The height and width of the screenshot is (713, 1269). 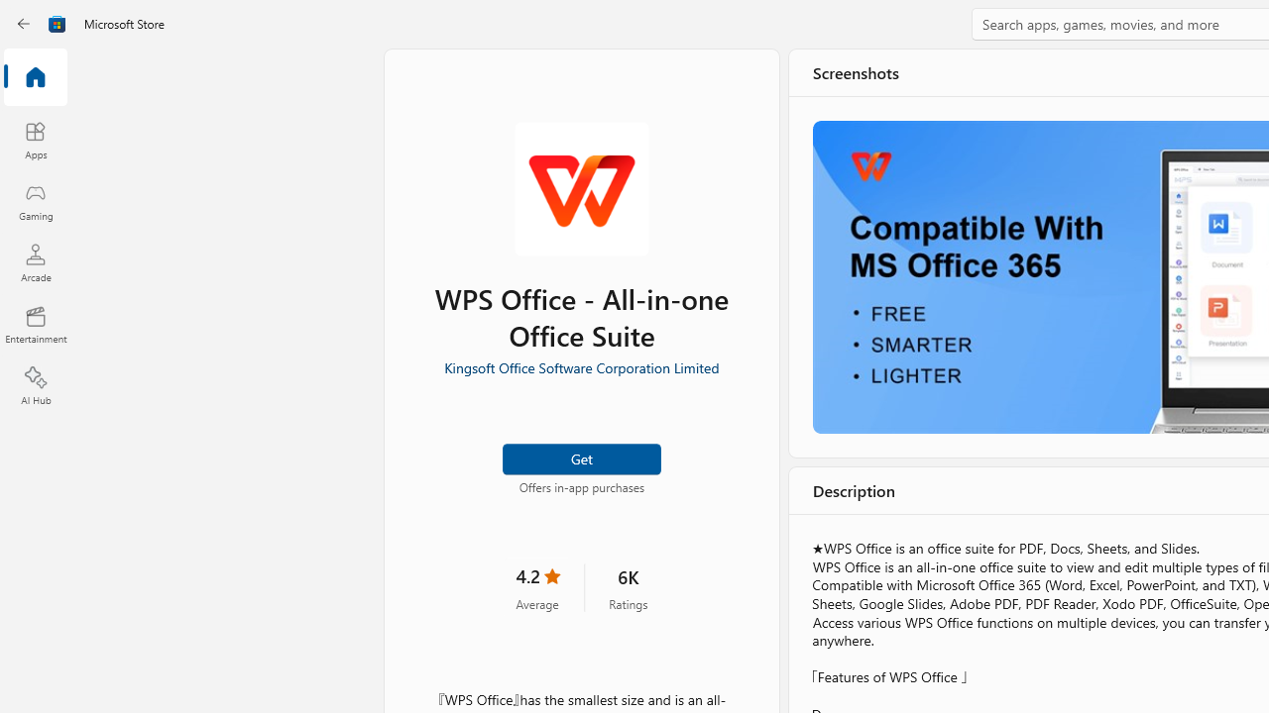 What do you see at coordinates (35, 77) in the screenshot?
I see `'Home'` at bounding box center [35, 77].